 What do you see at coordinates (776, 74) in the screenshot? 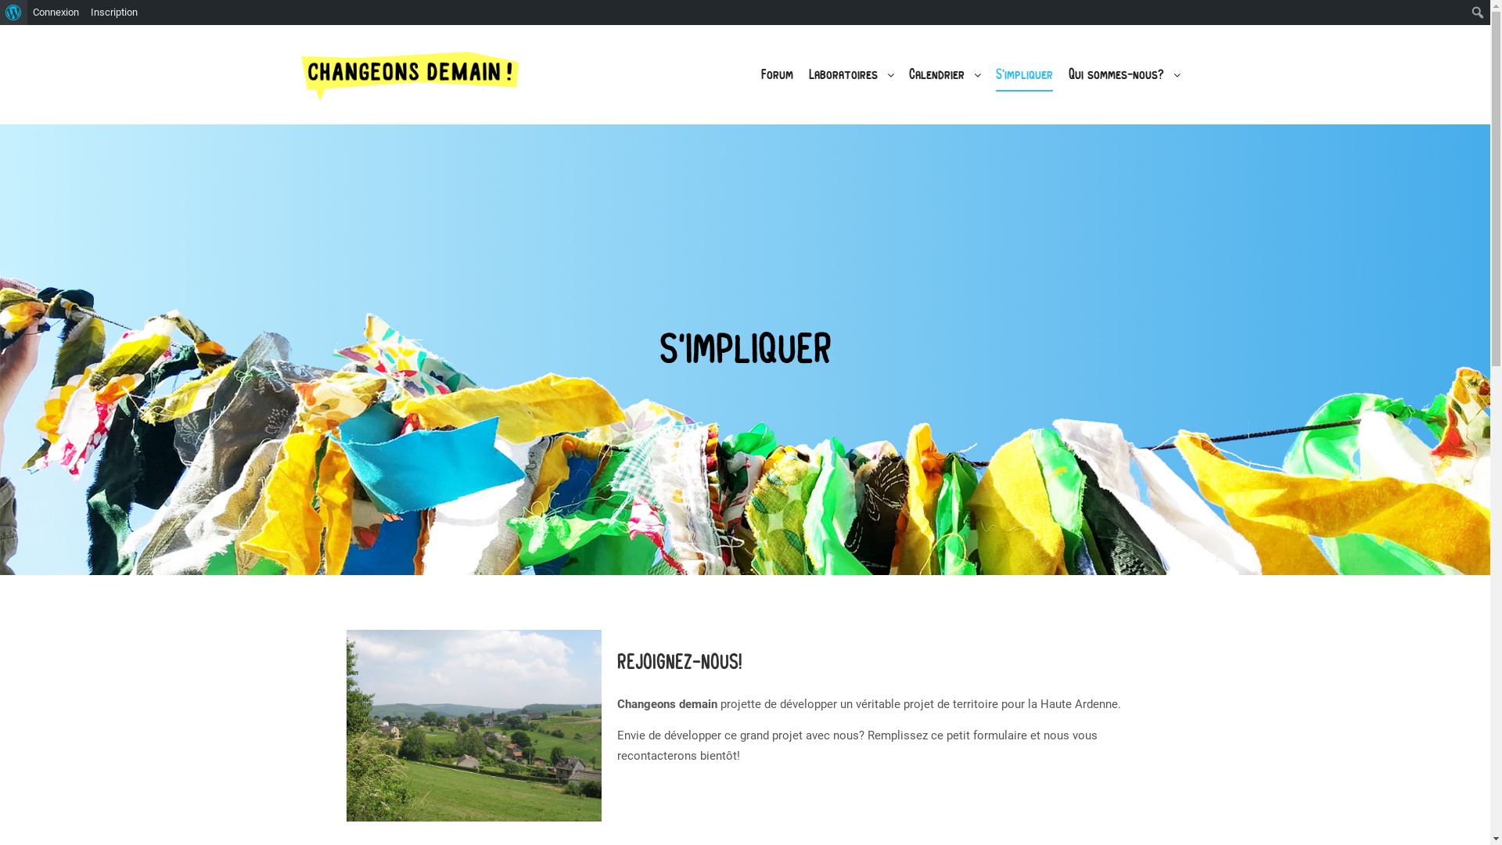
I see `'Forum'` at bounding box center [776, 74].